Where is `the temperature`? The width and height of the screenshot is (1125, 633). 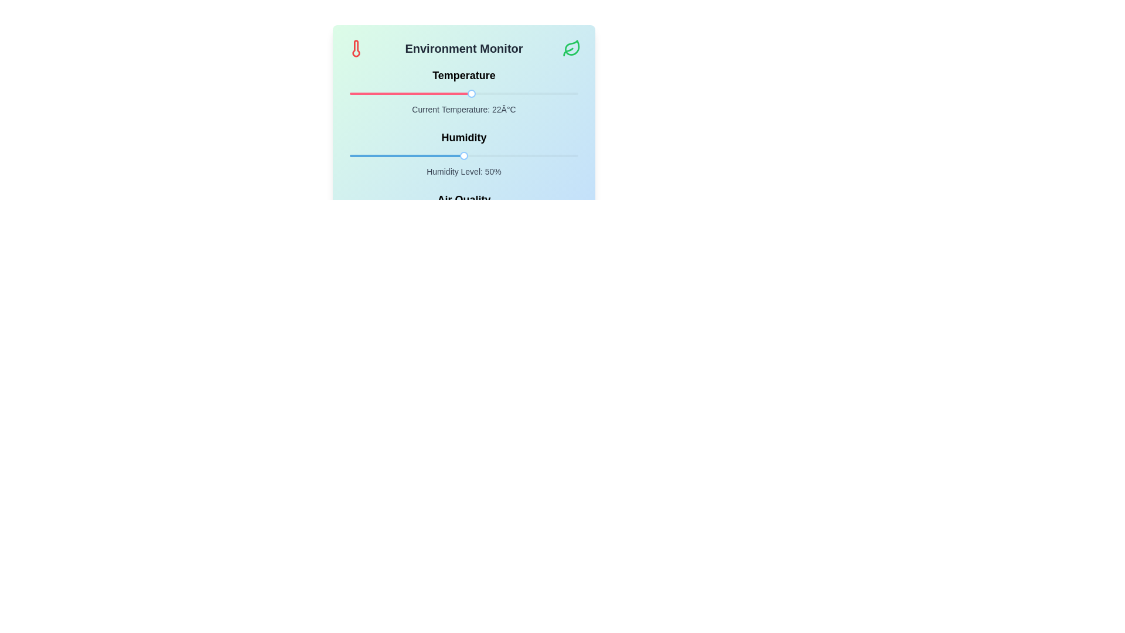
the temperature is located at coordinates (555, 93).